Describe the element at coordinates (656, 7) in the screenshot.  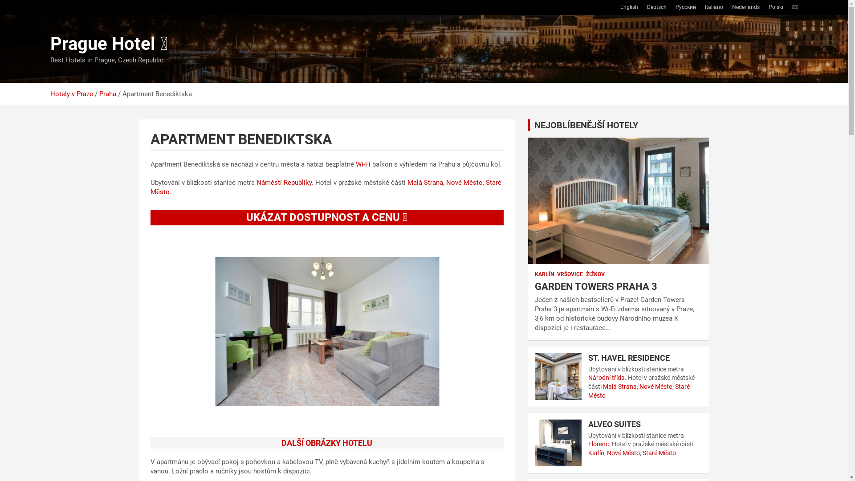
I see `'Deutsch'` at that location.